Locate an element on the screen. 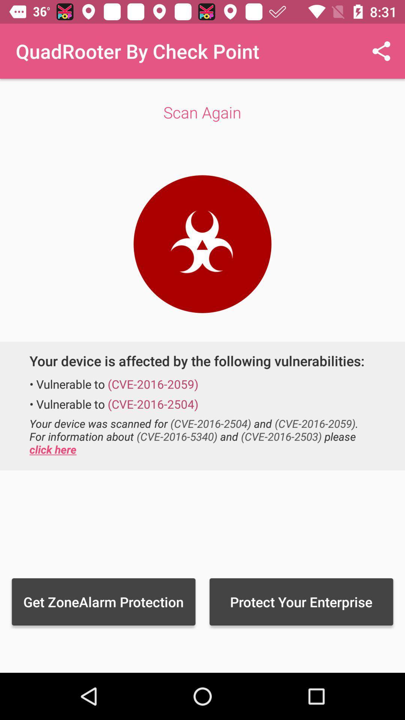  item at the bottom left corner is located at coordinates (103, 601).